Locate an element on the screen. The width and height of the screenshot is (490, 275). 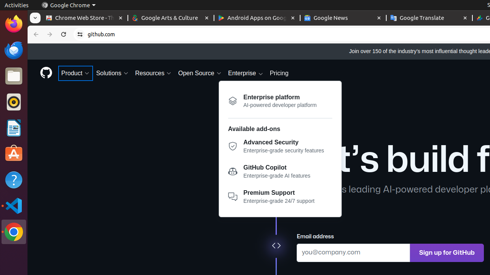
'Thunderbird Mail' is located at coordinates (13, 50).